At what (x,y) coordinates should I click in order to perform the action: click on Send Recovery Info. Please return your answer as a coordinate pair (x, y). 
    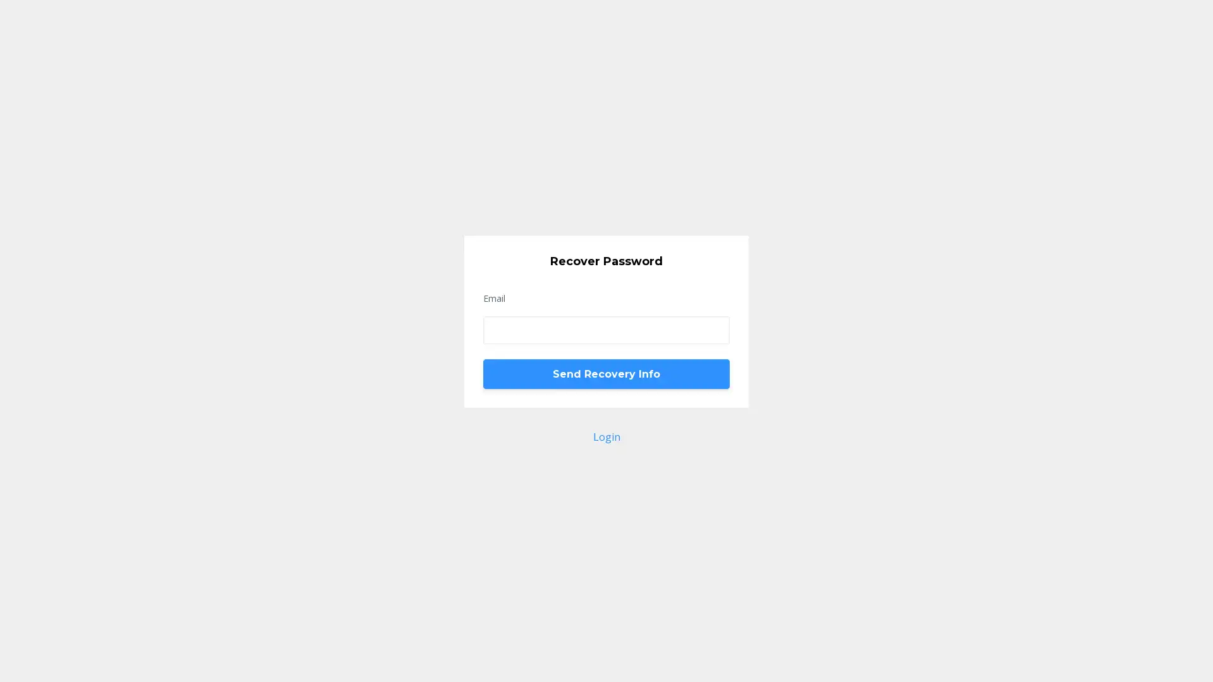
    Looking at the image, I should click on (606, 373).